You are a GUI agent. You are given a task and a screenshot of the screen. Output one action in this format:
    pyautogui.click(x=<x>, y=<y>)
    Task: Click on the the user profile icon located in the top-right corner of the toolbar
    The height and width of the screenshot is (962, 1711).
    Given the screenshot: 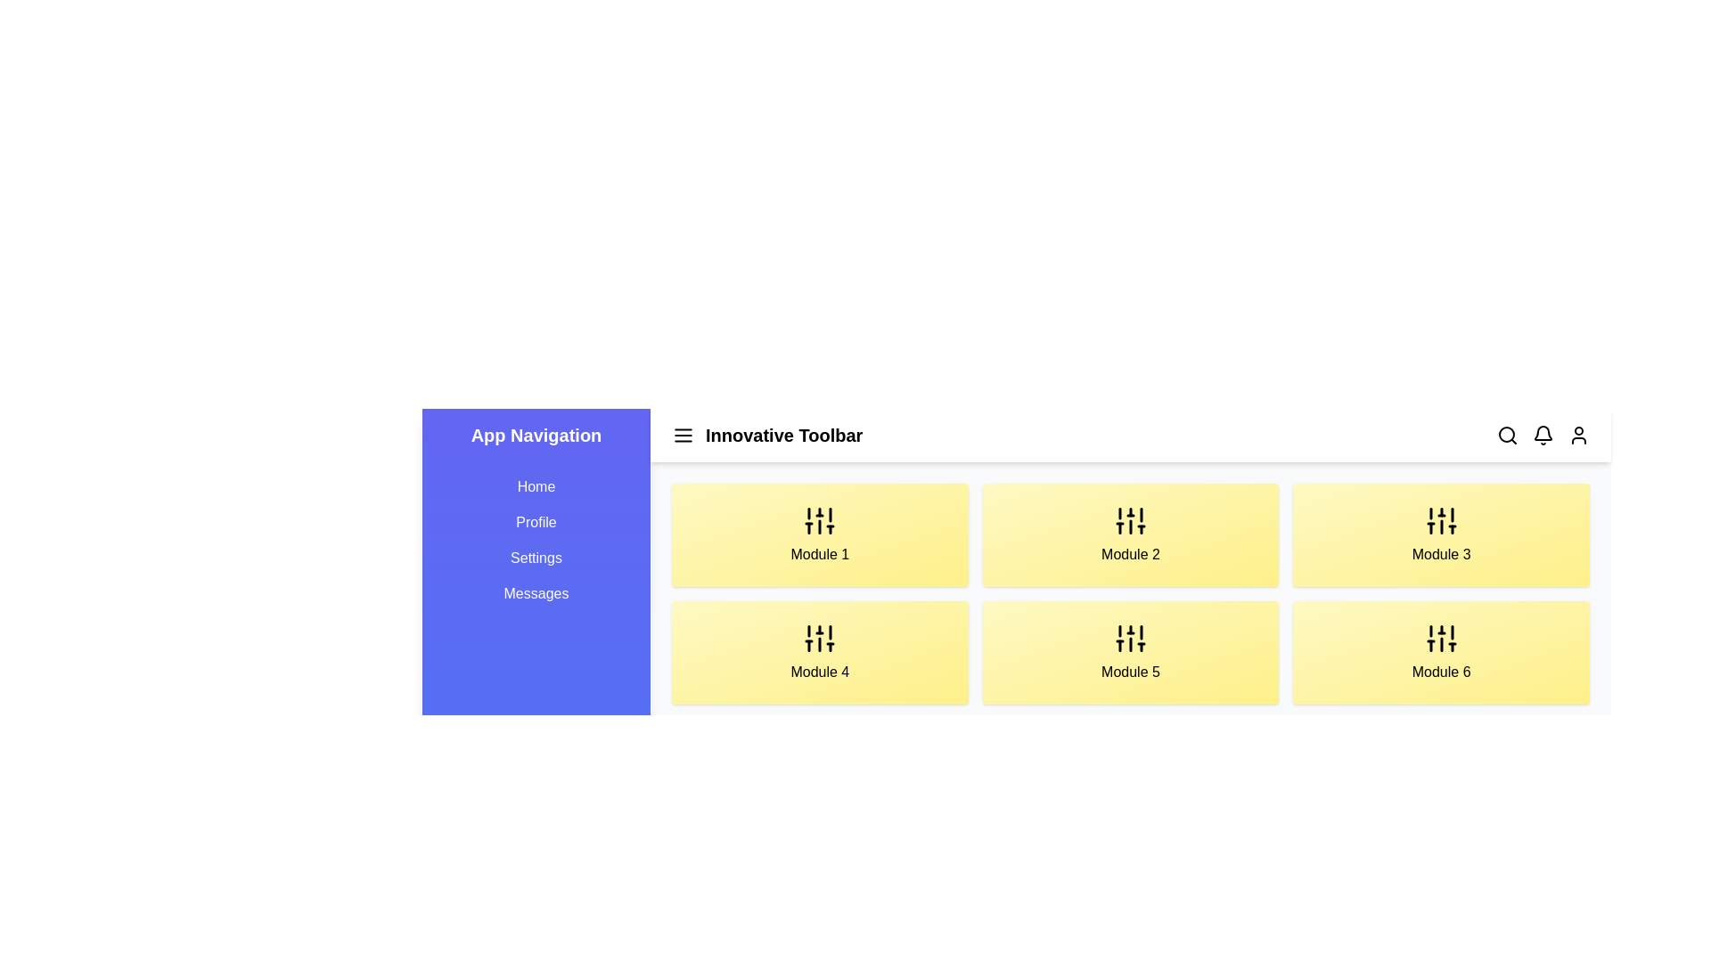 What is the action you would take?
    pyautogui.click(x=1578, y=436)
    